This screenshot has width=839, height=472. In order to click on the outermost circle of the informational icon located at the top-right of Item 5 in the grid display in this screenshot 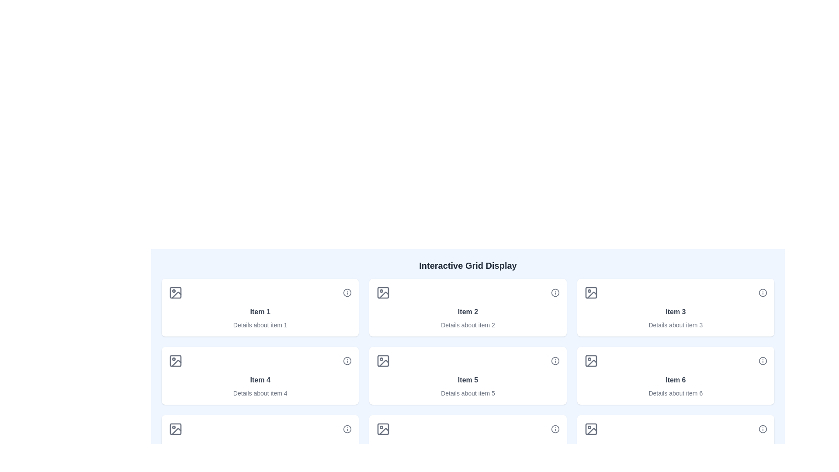, I will do `click(555, 361)`.